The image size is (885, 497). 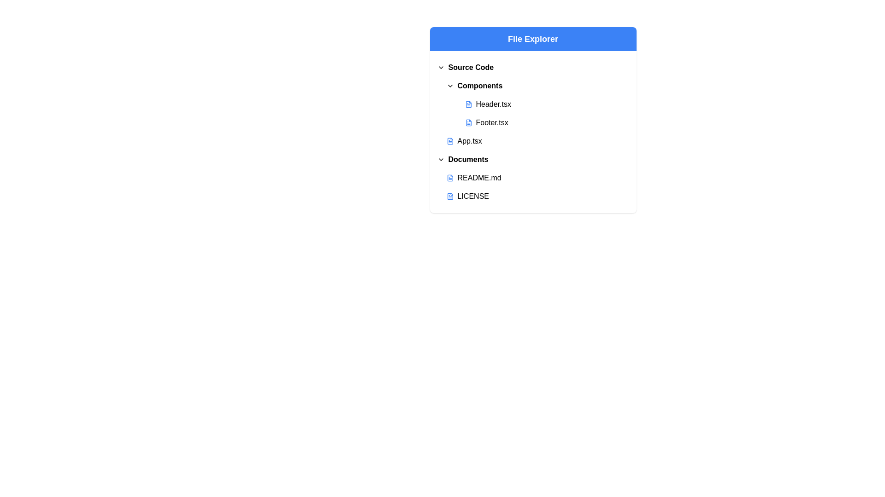 I want to click on the collapsible folder node in the 'Source Code' section of the file explorer, so click(x=537, y=86).